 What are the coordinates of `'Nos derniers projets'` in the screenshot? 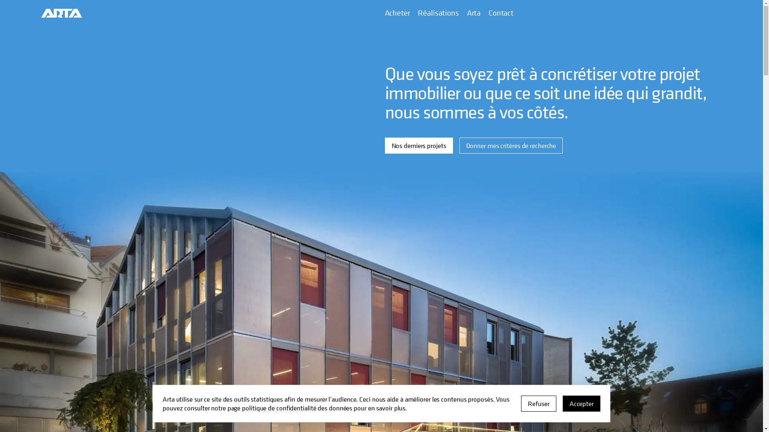 It's located at (418, 145).